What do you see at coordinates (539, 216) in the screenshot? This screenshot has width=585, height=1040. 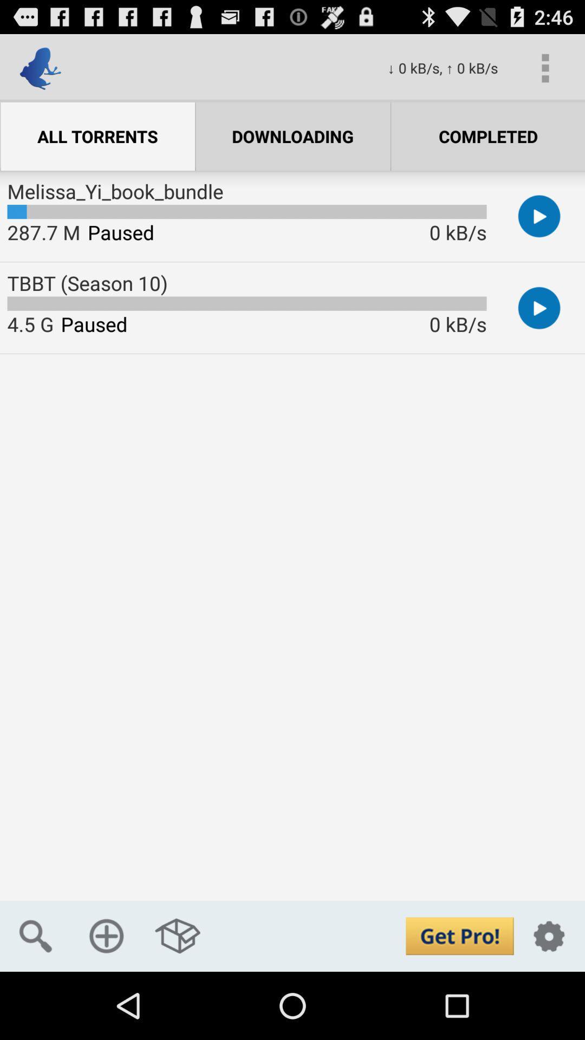 I see `first play button` at bounding box center [539, 216].